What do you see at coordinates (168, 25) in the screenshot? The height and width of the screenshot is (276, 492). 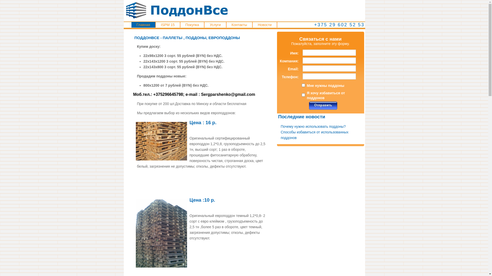 I see `'ISPM 15'` at bounding box center [168, 25].